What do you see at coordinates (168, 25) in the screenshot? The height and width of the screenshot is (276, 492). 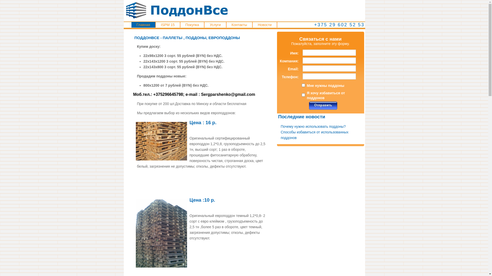 I see `'ISPM 15'` at bounding box center [168, 25].